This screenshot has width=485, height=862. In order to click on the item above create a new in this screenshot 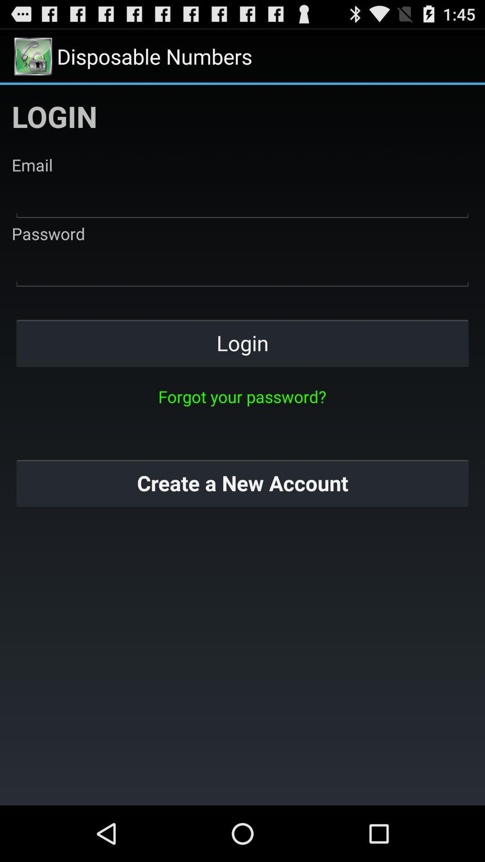, I will do `click(242, 396)`.